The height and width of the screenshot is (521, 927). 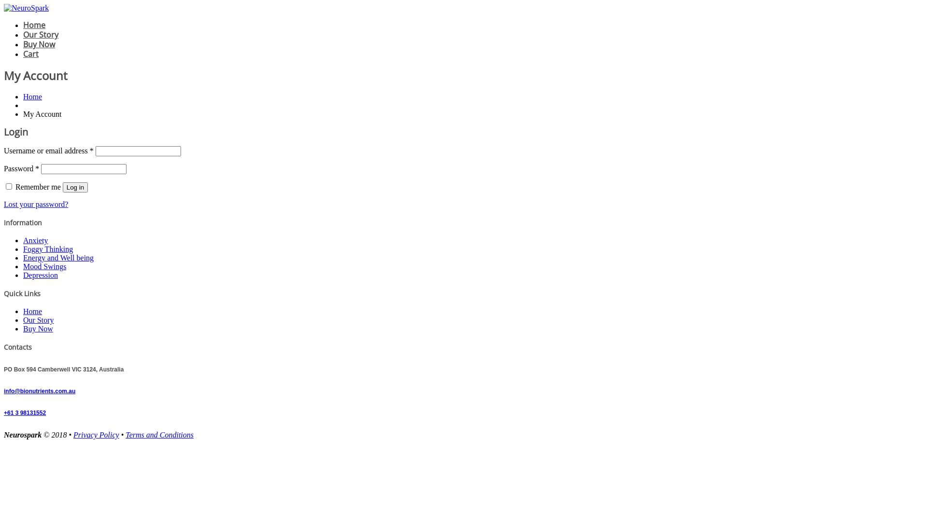 I want to click on 'Lost your password?', so click(x=36, y=204).